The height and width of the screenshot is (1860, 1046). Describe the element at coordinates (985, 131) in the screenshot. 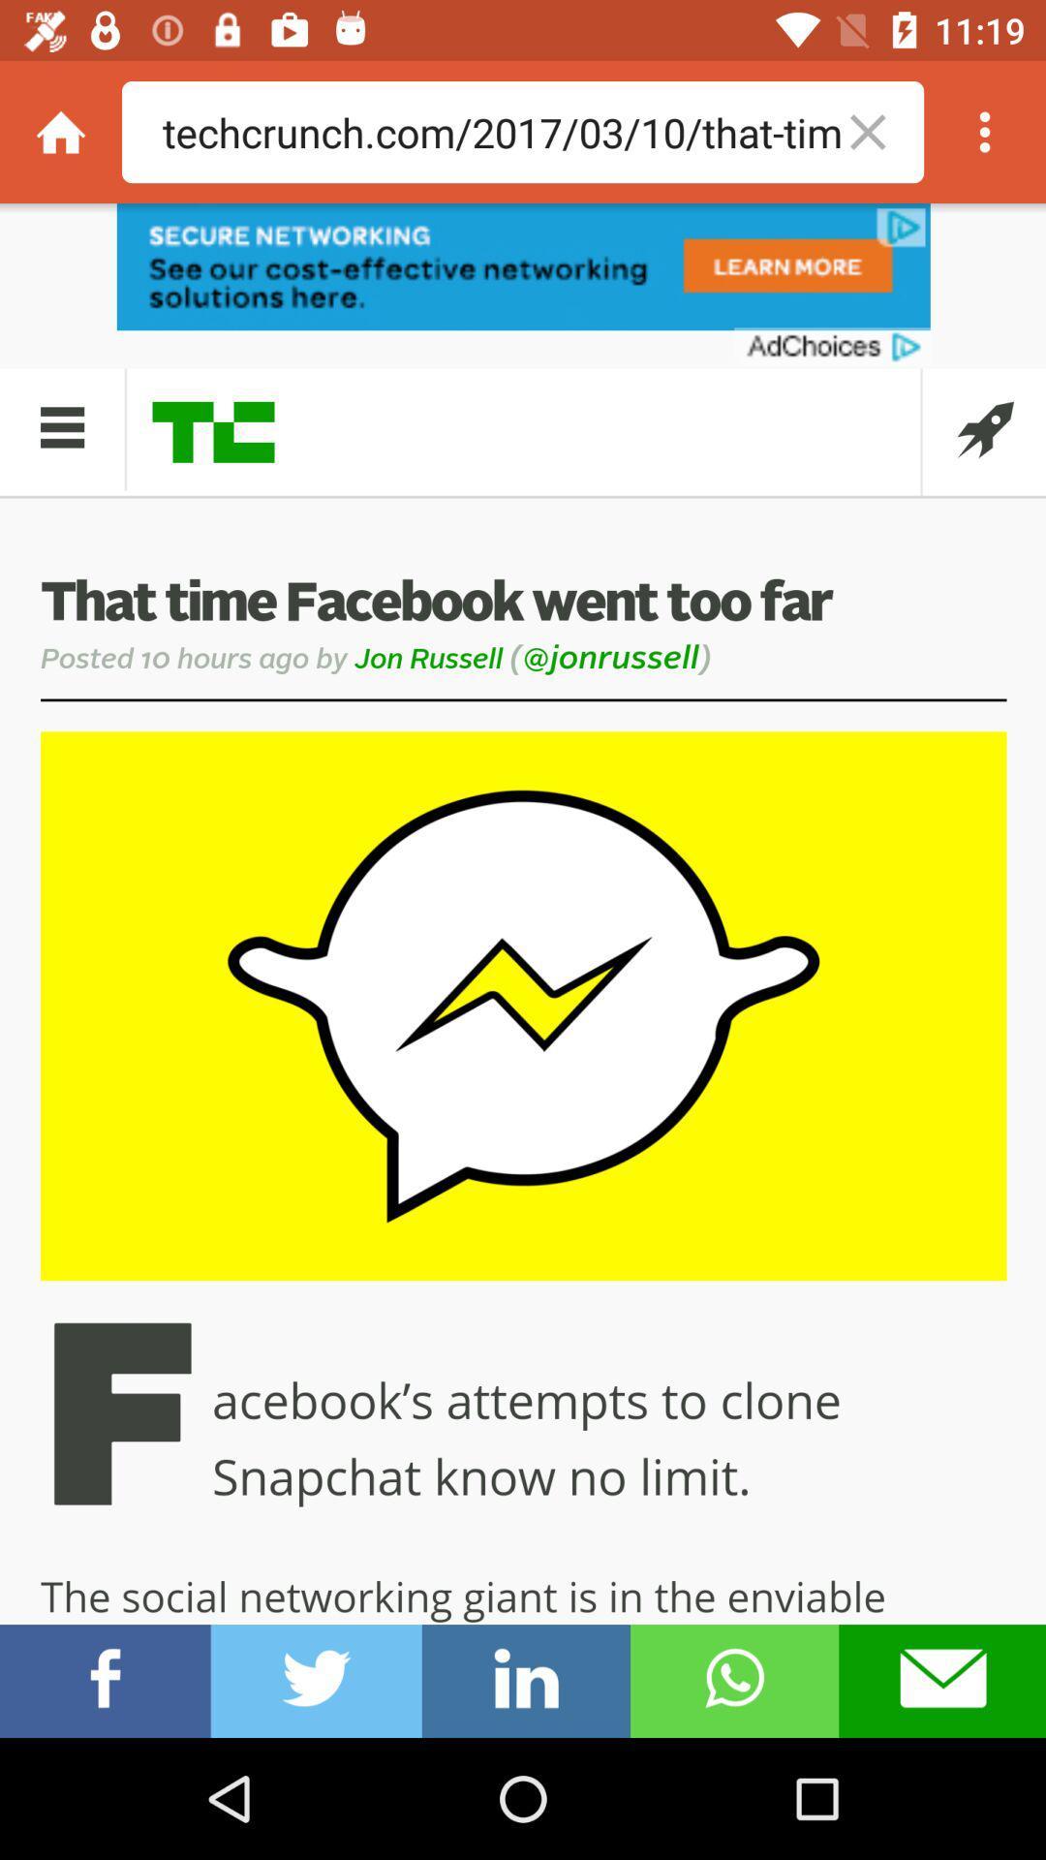

I see `more info` at that location.